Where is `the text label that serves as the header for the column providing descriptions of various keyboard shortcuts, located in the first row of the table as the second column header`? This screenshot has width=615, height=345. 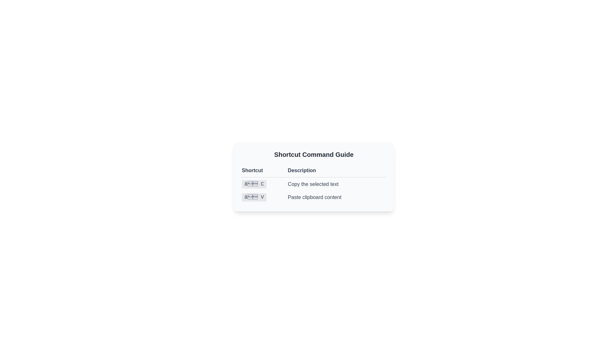
the text label that serves as the header for the column providing descriptions of various keyboard shortcuts, located in the first row of the table as the second column header is located at coordinates (314, 170).